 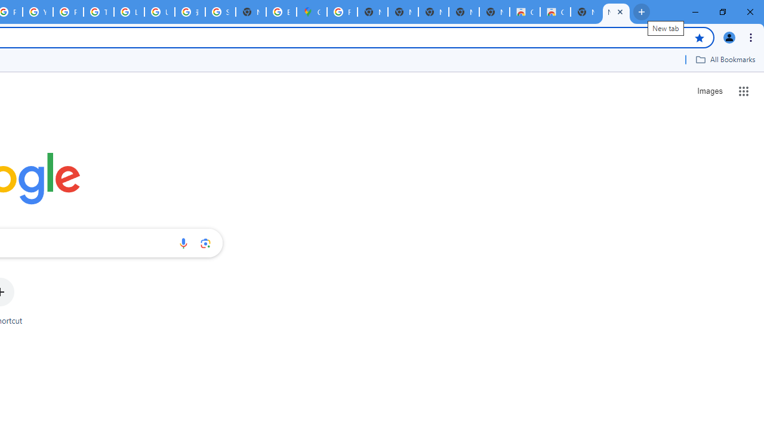 What do you see at coordinates (220, 12) in the screenshot?
I see `'Sign in - Google Accounts'` at bounding box center [220, 12].